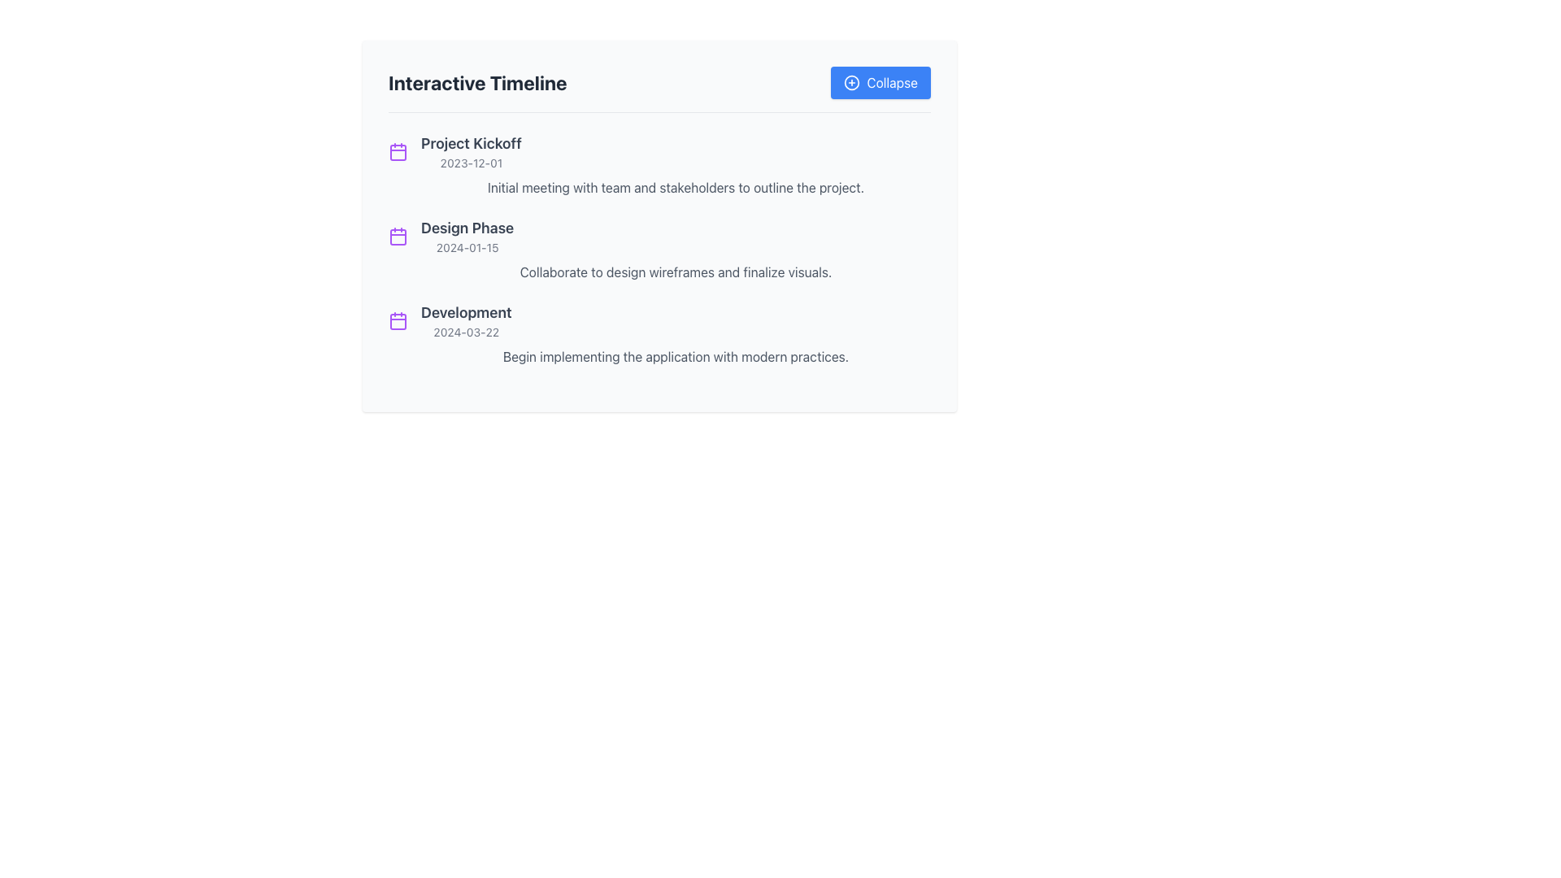 Image resolution: width=1561 pixels, height=878 pixels. Describe the element at coordinates (470, 143) in the screenshot. I see `header text of the first item in the interactive timeline, located to the left of the small calendar icon and above the date text ('2023-12-01')` at that location.